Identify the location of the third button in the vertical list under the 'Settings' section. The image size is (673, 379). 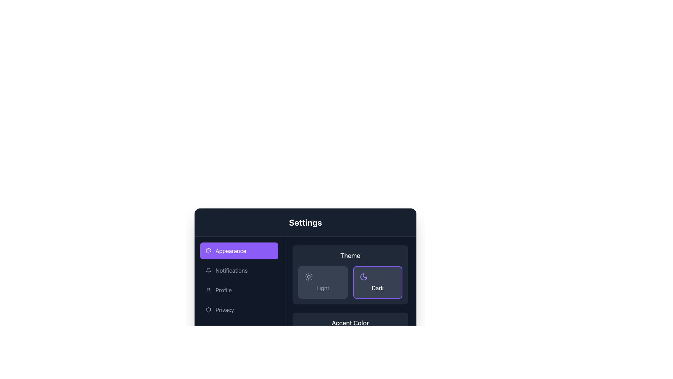
(239, 290).